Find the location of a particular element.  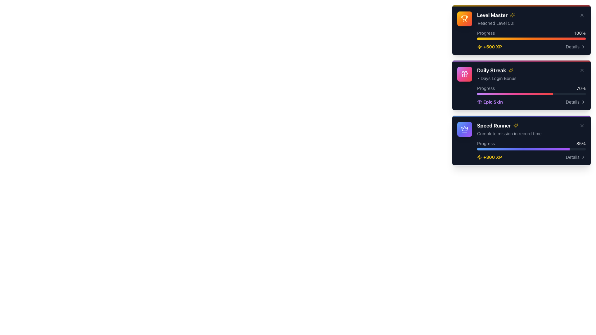

the text label that indicates the title for a specific mission or milestone description is located at coordinates (509, 126).